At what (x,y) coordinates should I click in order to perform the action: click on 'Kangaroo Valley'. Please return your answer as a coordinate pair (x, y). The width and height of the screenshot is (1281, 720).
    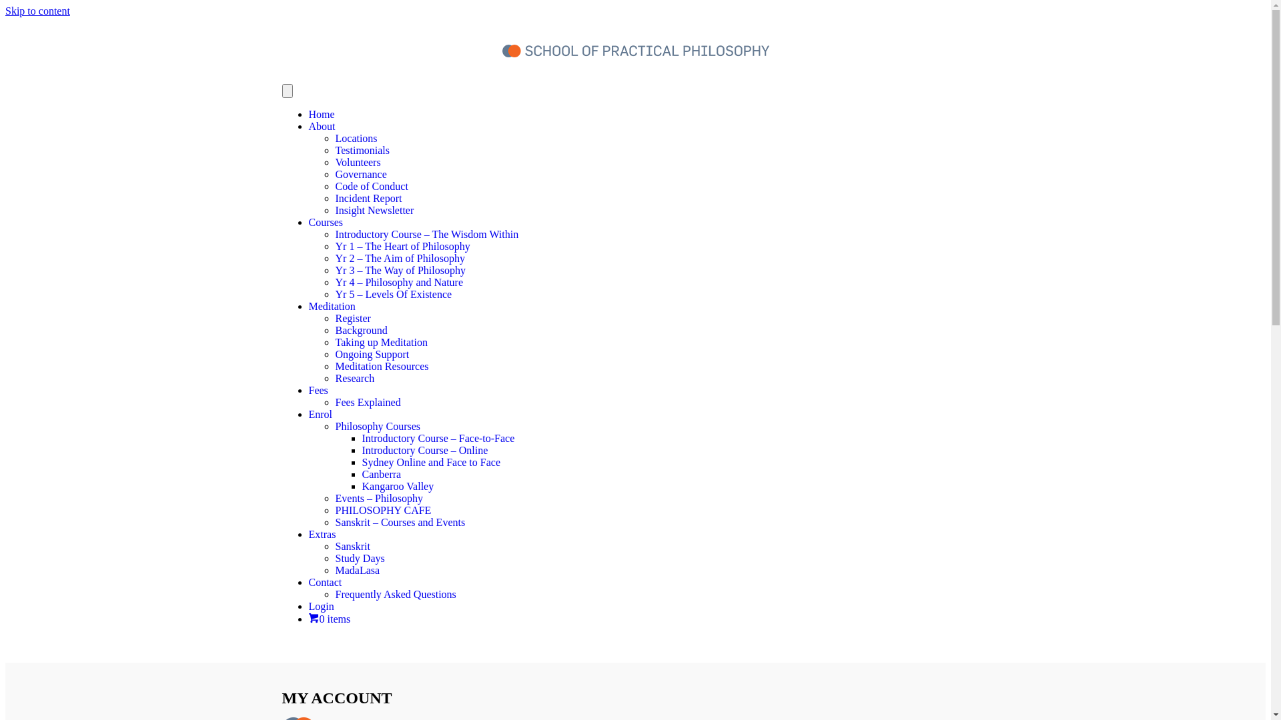
    Looking at the image, I should click on (396, 486).